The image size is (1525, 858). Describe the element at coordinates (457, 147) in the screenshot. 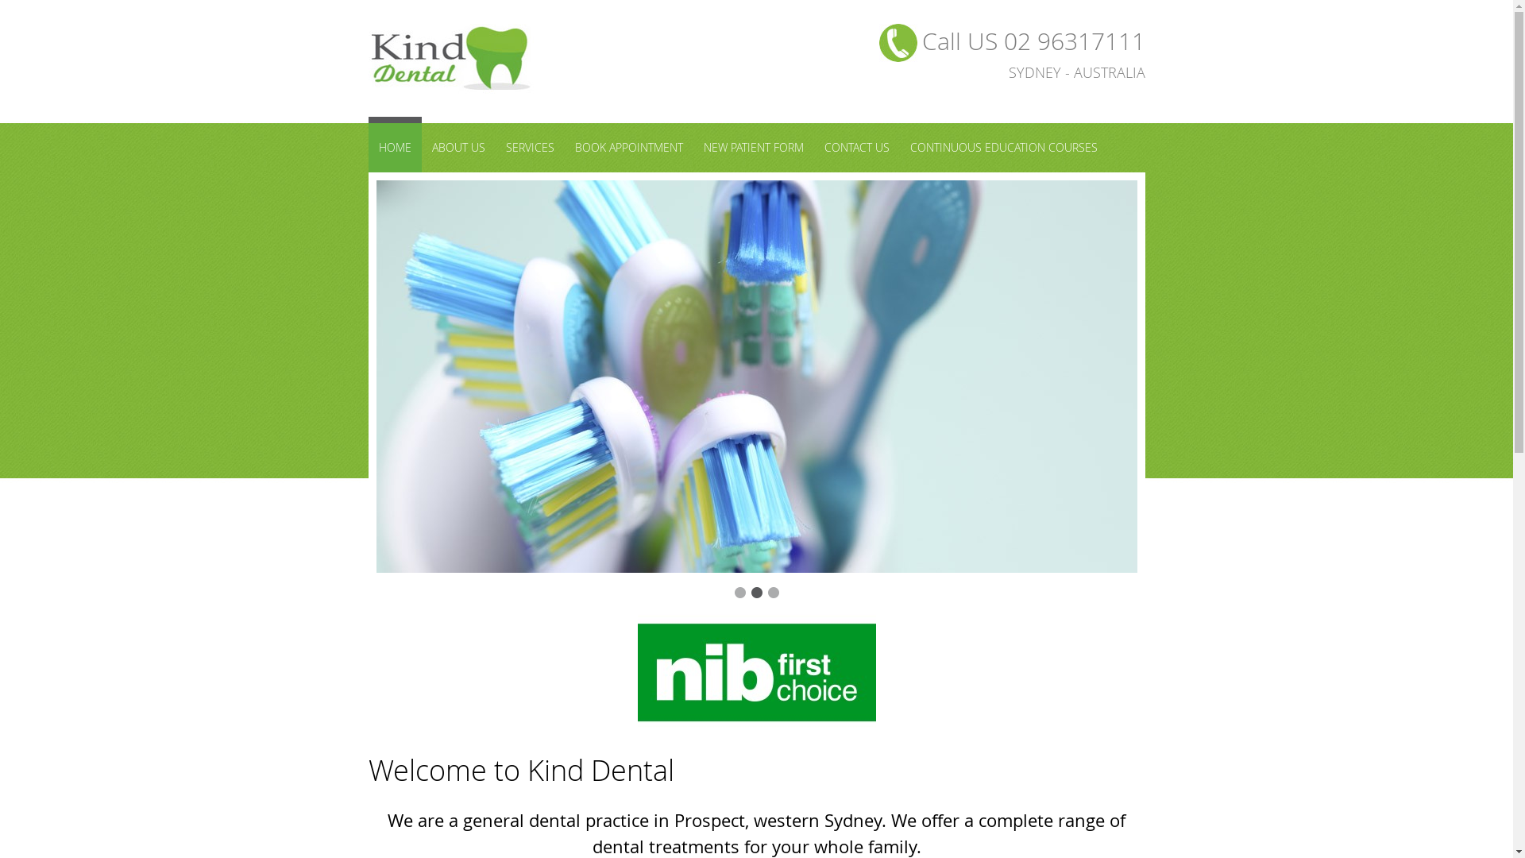

I see `'ABOUT US'` at that location.